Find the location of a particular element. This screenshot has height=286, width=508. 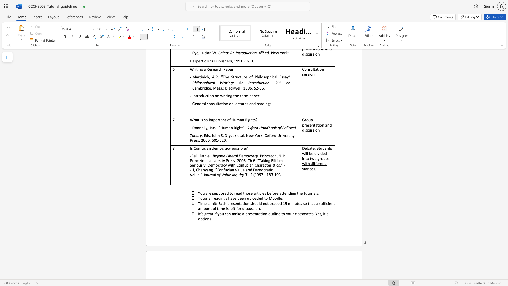

the subset text "tics.” --Li, Chenyang. “Confucian Value and Democratic Valu" within the text "Seriously: Democracy with Confucian Characteristics.” --Li, Chenyang. “Confucian Value and Democratic Value.”" is located at coordinates (274, 165).